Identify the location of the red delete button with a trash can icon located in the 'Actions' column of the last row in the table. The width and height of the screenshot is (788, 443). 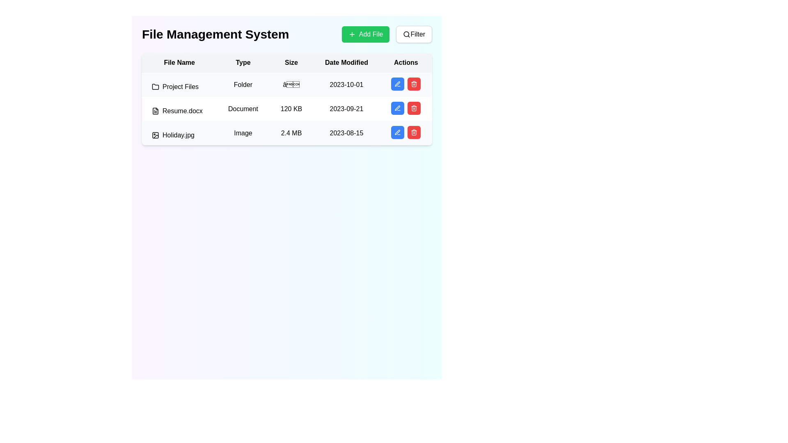
(414, 132).